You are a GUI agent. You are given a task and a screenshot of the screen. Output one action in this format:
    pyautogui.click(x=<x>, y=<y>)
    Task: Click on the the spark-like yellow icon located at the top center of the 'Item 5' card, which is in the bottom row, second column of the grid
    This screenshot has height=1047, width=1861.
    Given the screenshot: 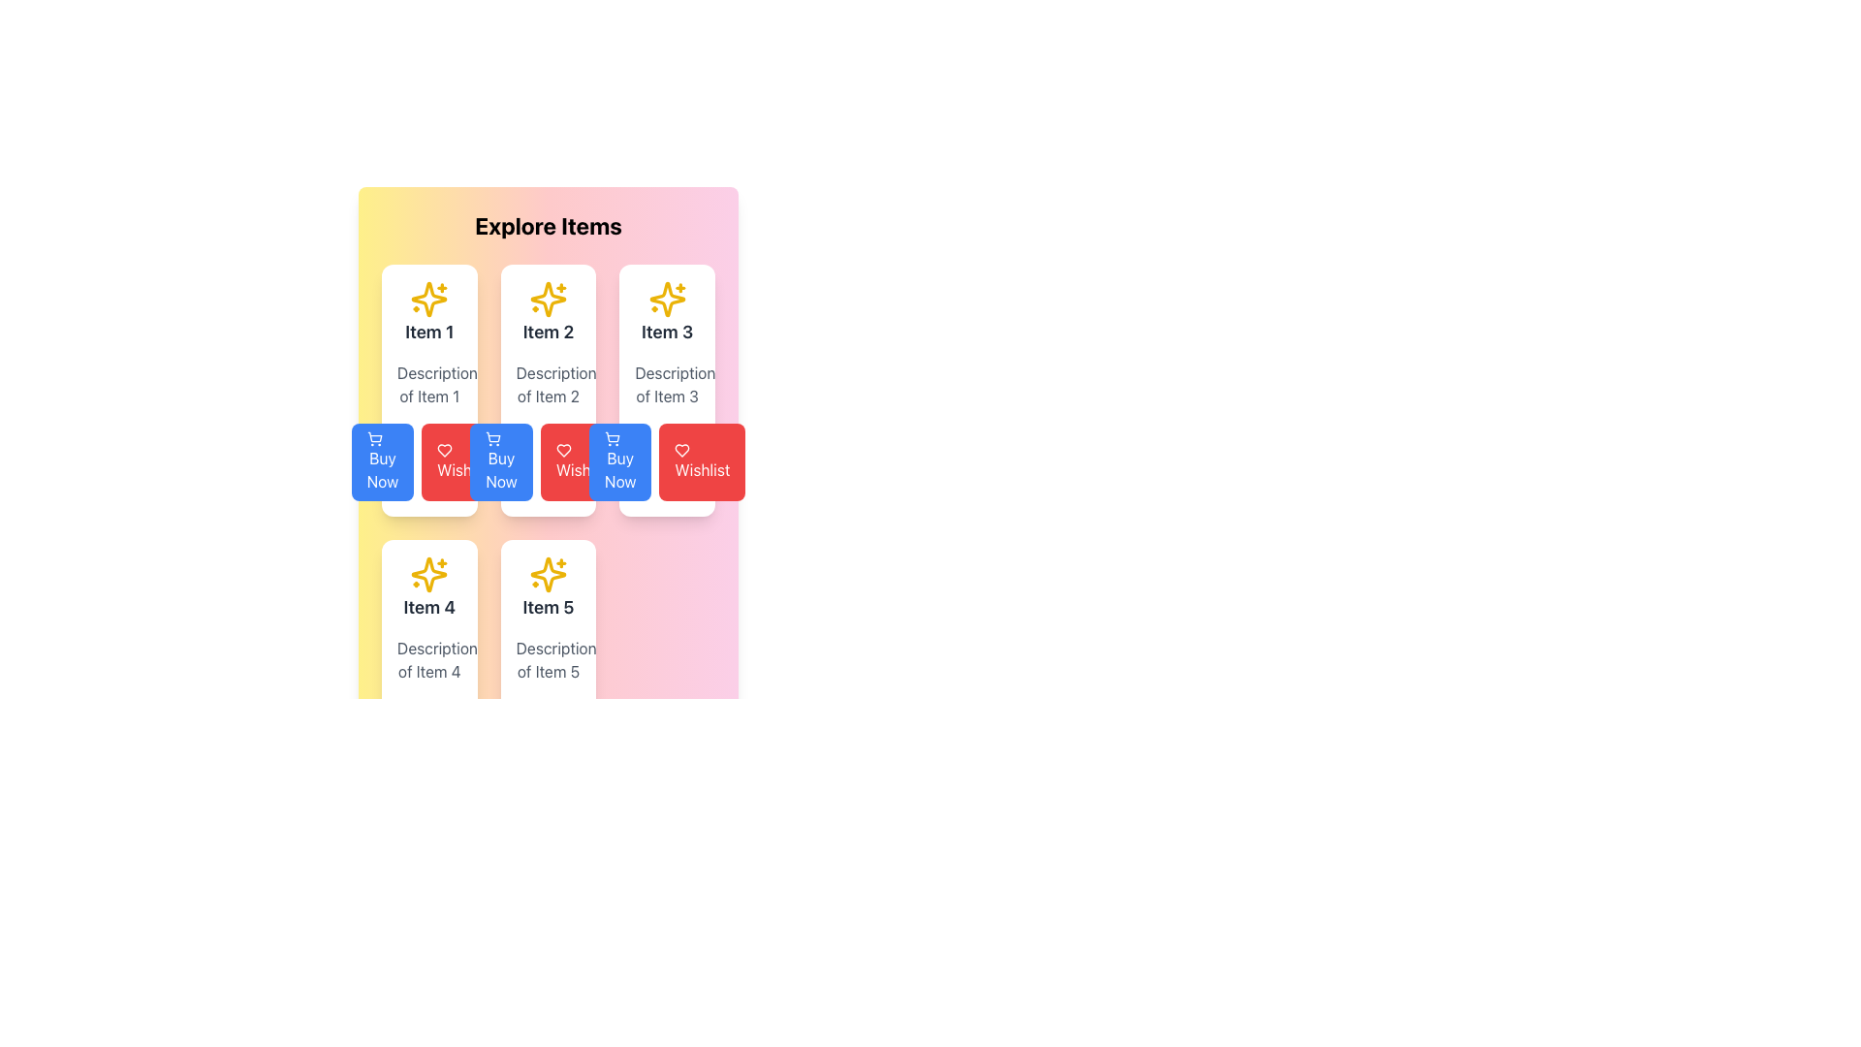 What is the action you would take?
    pyautogui.click(x=548, y=574)
    